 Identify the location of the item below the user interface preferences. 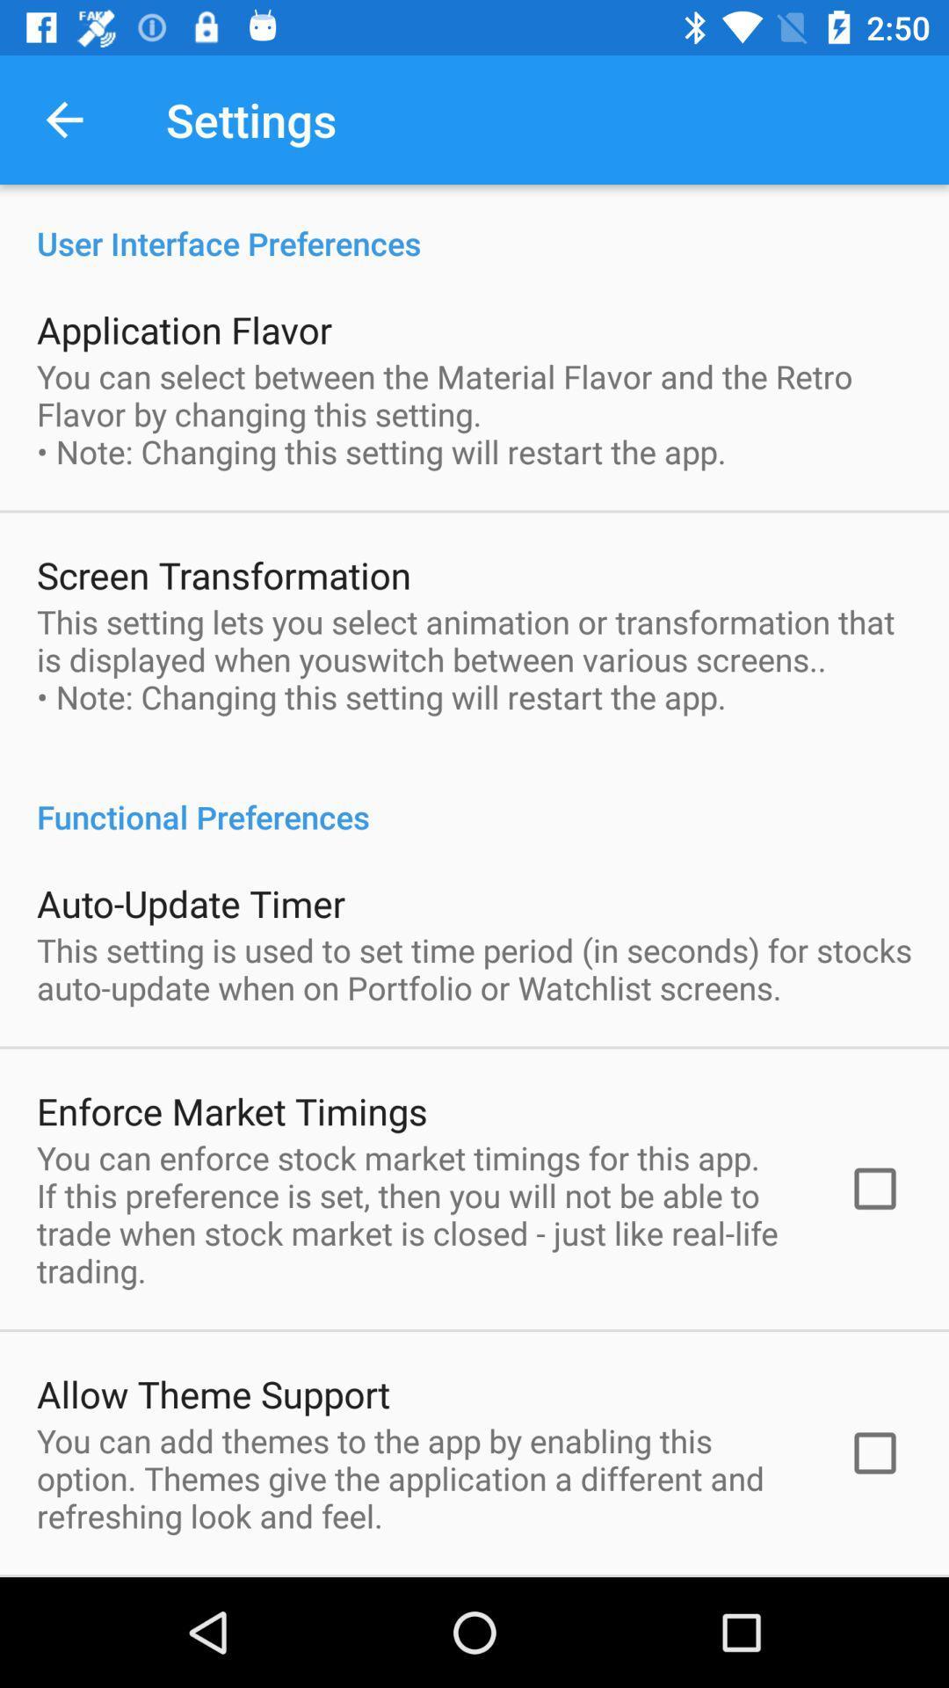
(184, 329).